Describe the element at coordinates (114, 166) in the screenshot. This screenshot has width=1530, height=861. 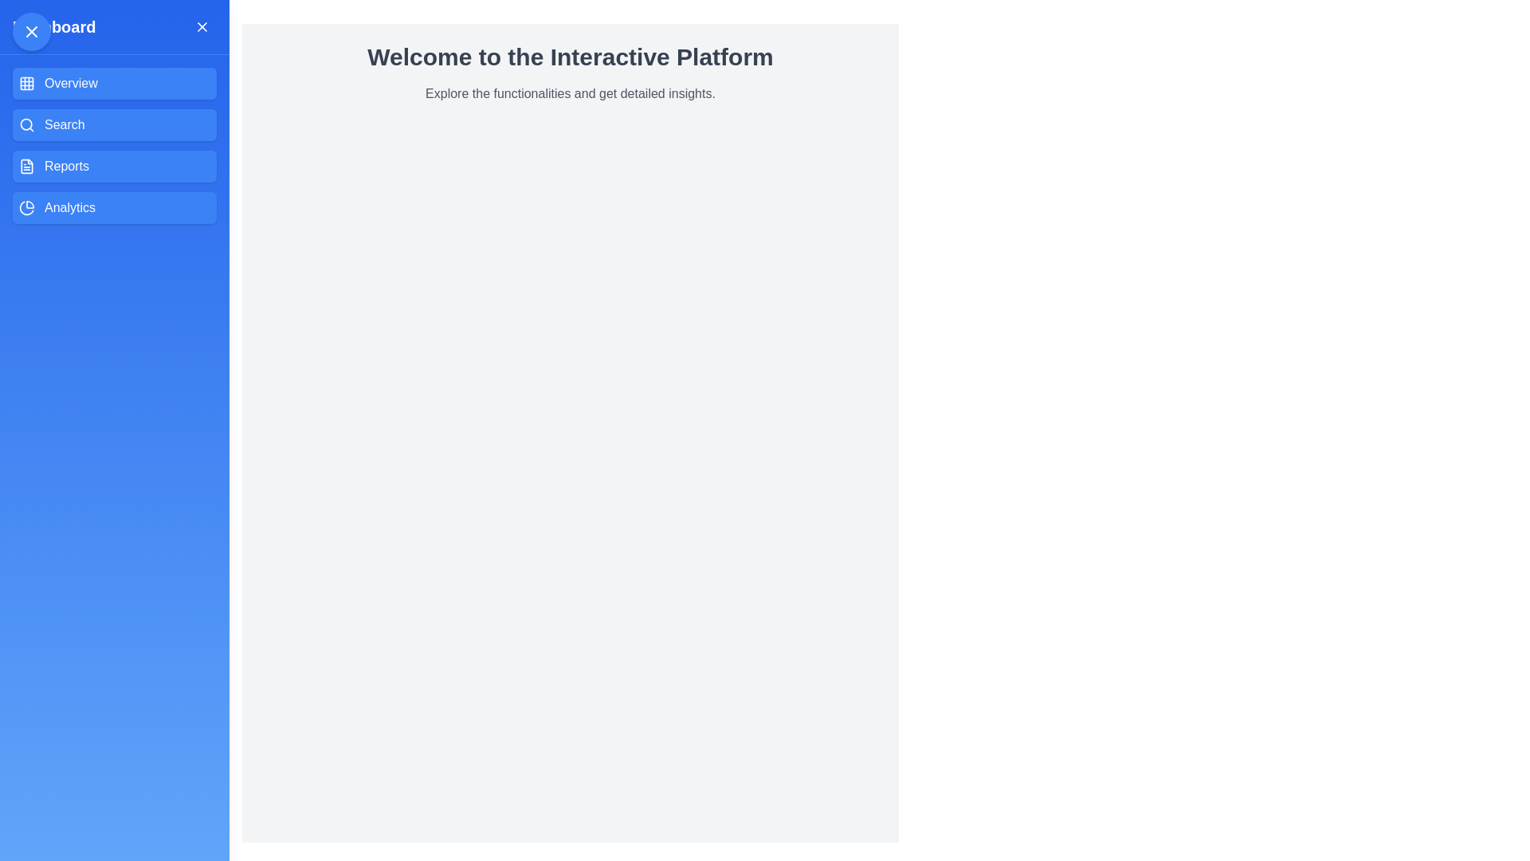
I see `the menu option Reports to navigate to the corresponding section` at that location.